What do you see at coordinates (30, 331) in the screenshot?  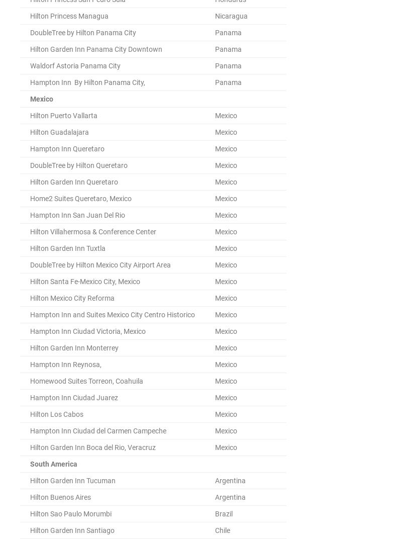 I see `'Hampton Inn Ciudad Victoria, Mexico'` at bounding box center [30, 331].